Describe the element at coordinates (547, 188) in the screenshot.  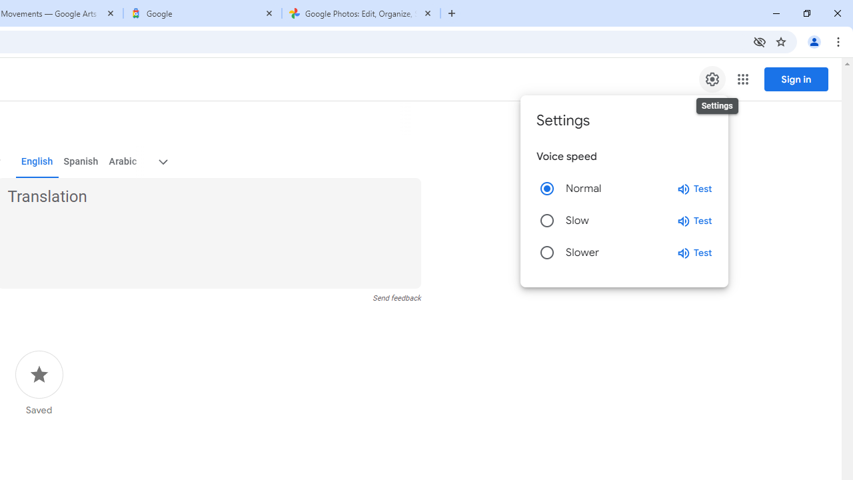
I see `'Normal'` at that location.